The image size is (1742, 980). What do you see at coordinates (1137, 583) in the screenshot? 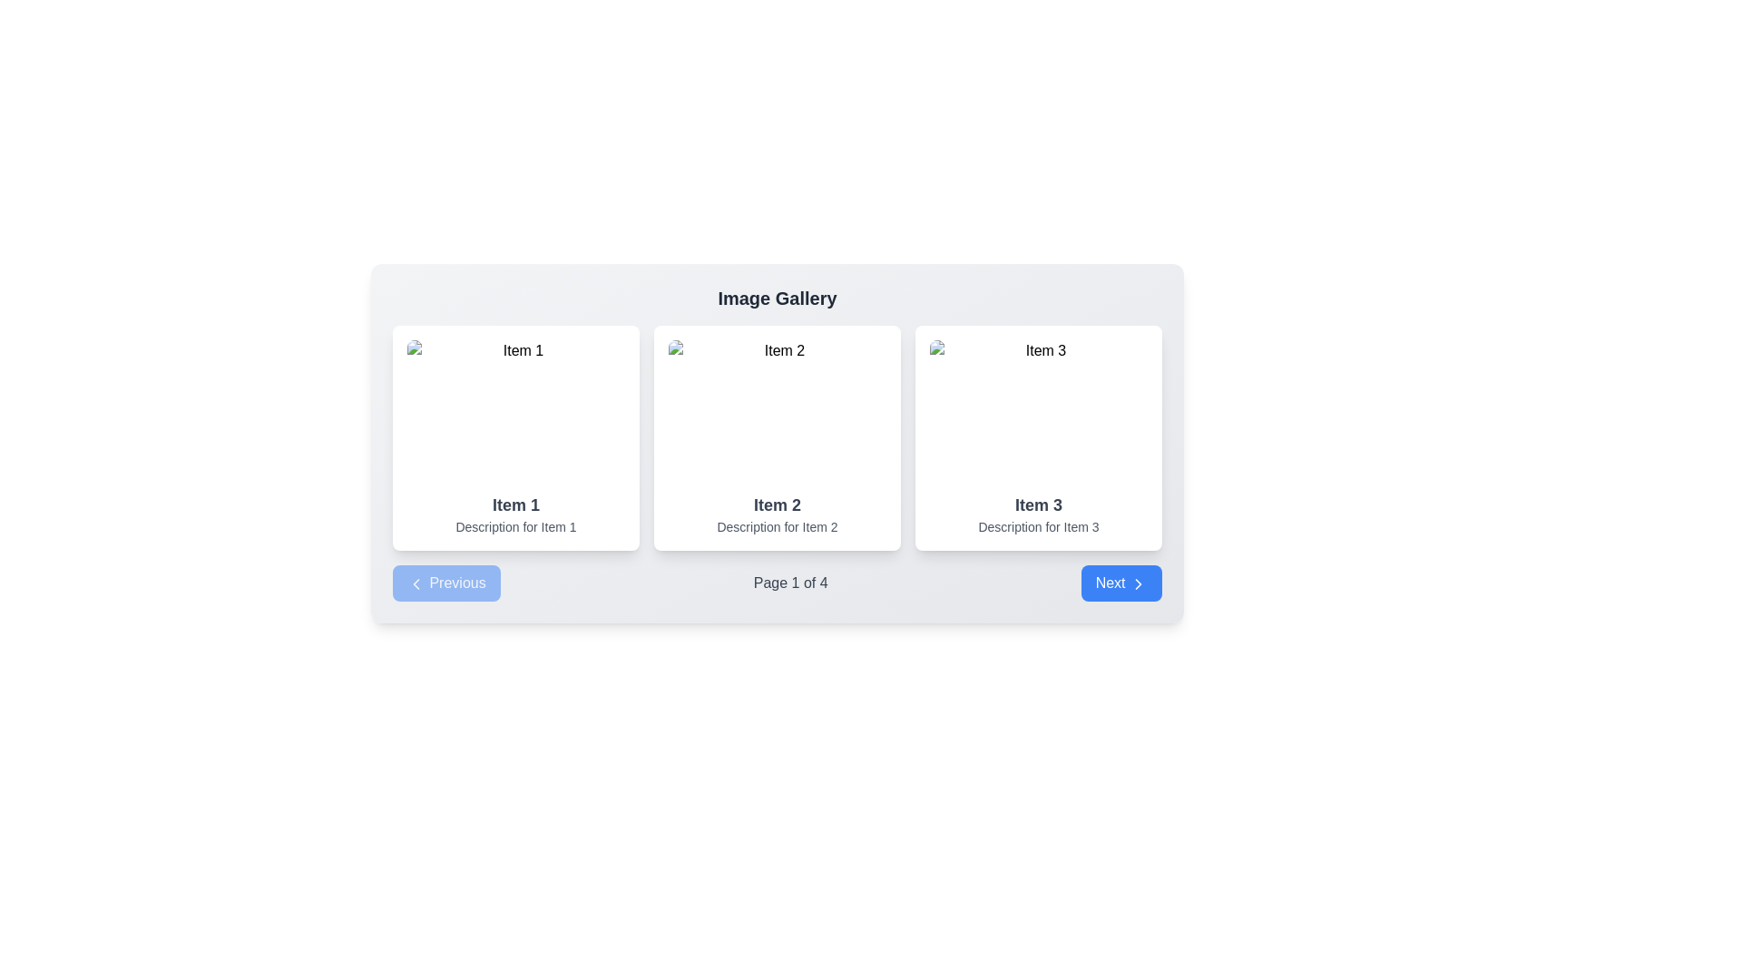
I see `the directional arrow icon located inside the 'Next' button, positioned towards the bottom-right corner of the interface` at bounding box center [1137, 583].